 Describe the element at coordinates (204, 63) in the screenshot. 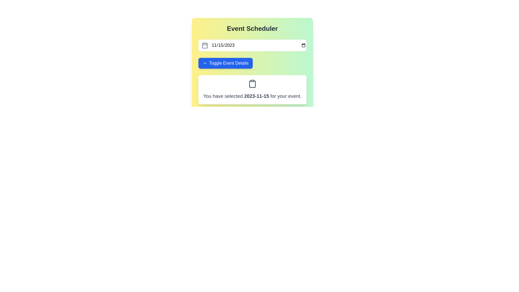

I see `the Chevron-down icon located within the button labeled 'Toggle Event Details'` at that location.